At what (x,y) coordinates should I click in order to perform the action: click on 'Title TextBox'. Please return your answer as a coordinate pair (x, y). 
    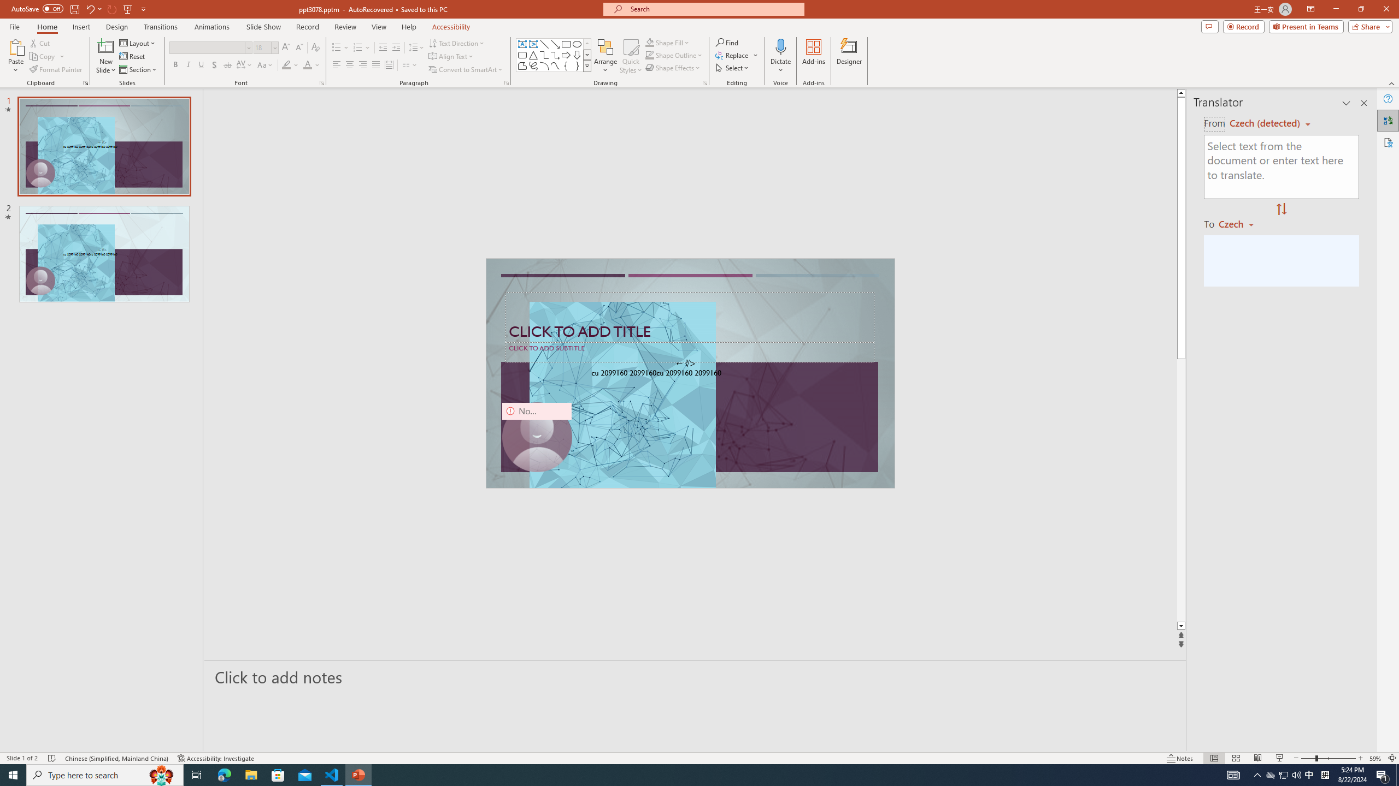
    Looking at the image, I should click on (689, 317).